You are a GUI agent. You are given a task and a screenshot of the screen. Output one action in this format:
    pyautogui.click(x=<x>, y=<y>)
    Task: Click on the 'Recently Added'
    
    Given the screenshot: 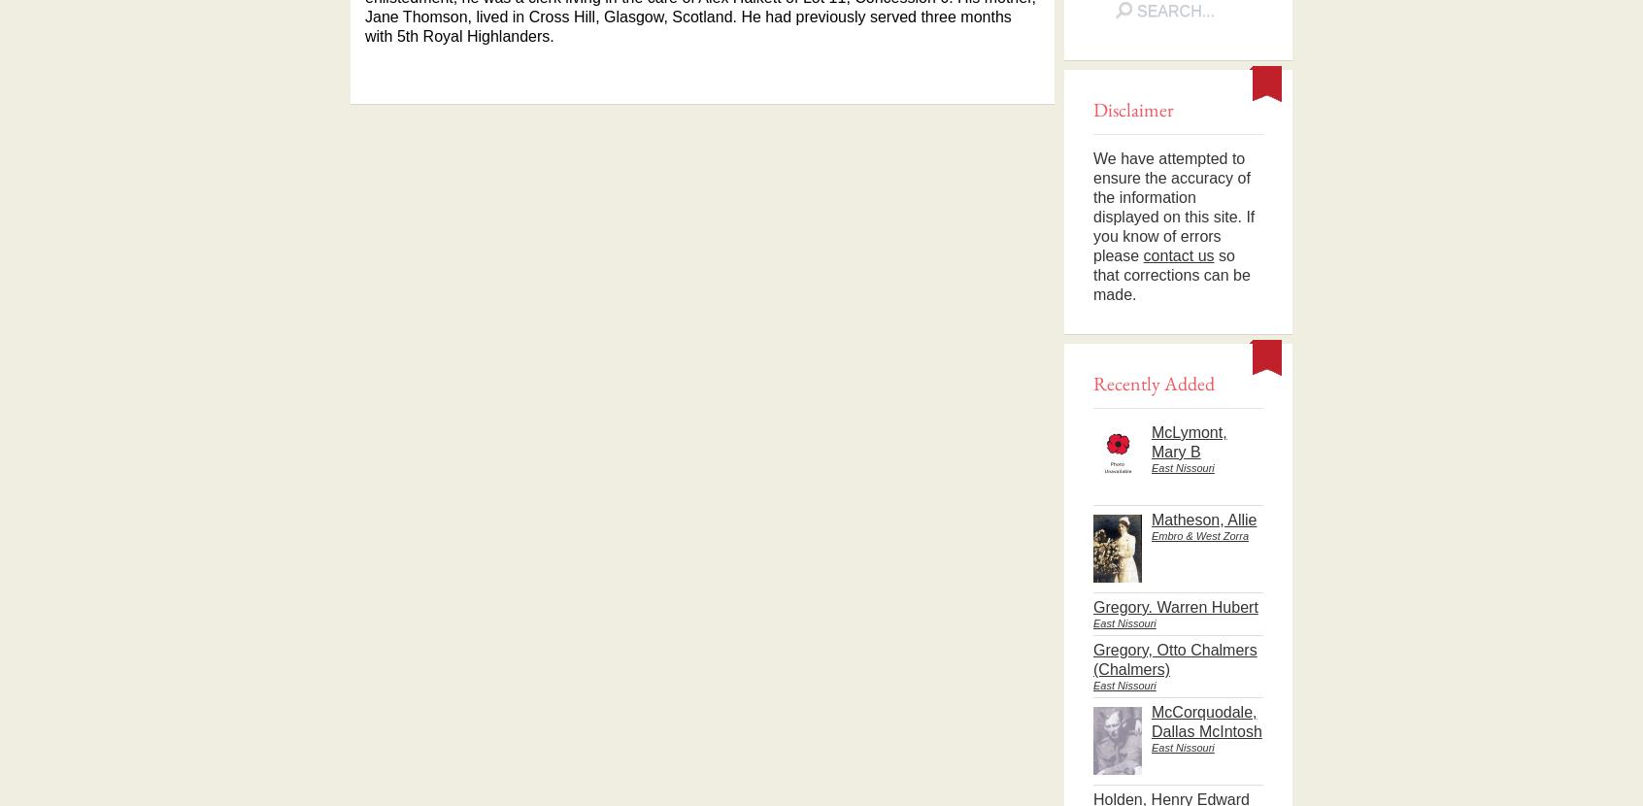 What is the action you would take?
    pyautogui.click(x=1153, y=382)
    